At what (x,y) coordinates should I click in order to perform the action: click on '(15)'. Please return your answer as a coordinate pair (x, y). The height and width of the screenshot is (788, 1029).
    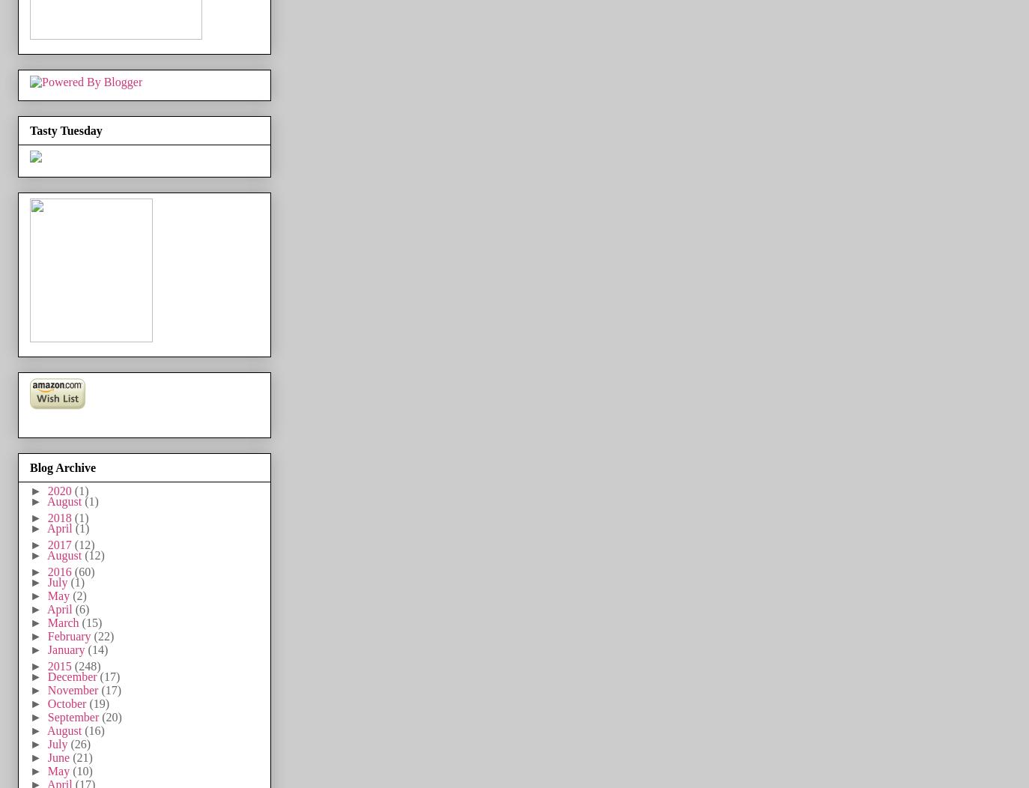
    Looking at the image, I should click on (80, 622).